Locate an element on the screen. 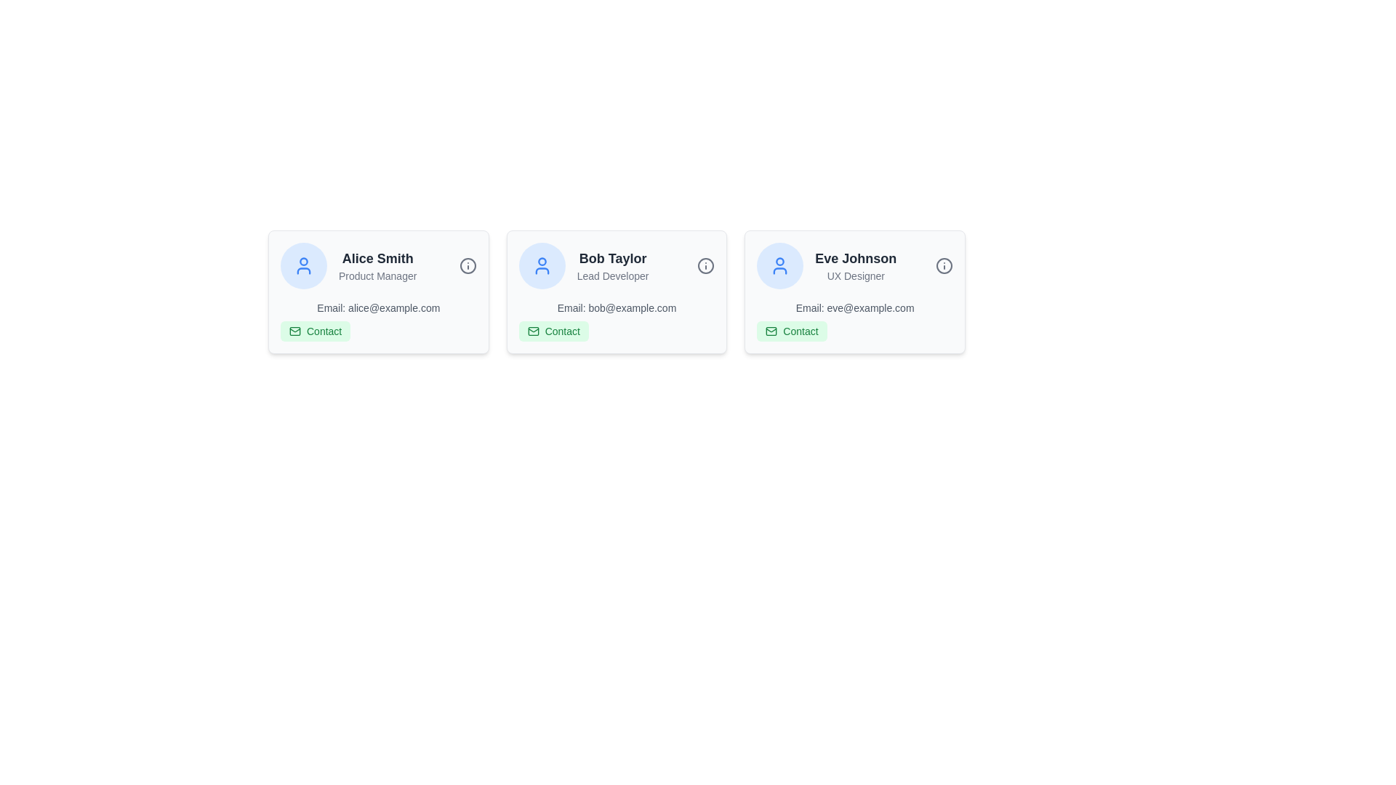 The height and width of the screenshot is (785, 1396). text content of the element displaying 'Eve Johnson' and 'UX Designer' which is centrally located in the third card of a horizontal list, positioned above an email address and a green 'Contact' button is located at coordinates (856, 266).